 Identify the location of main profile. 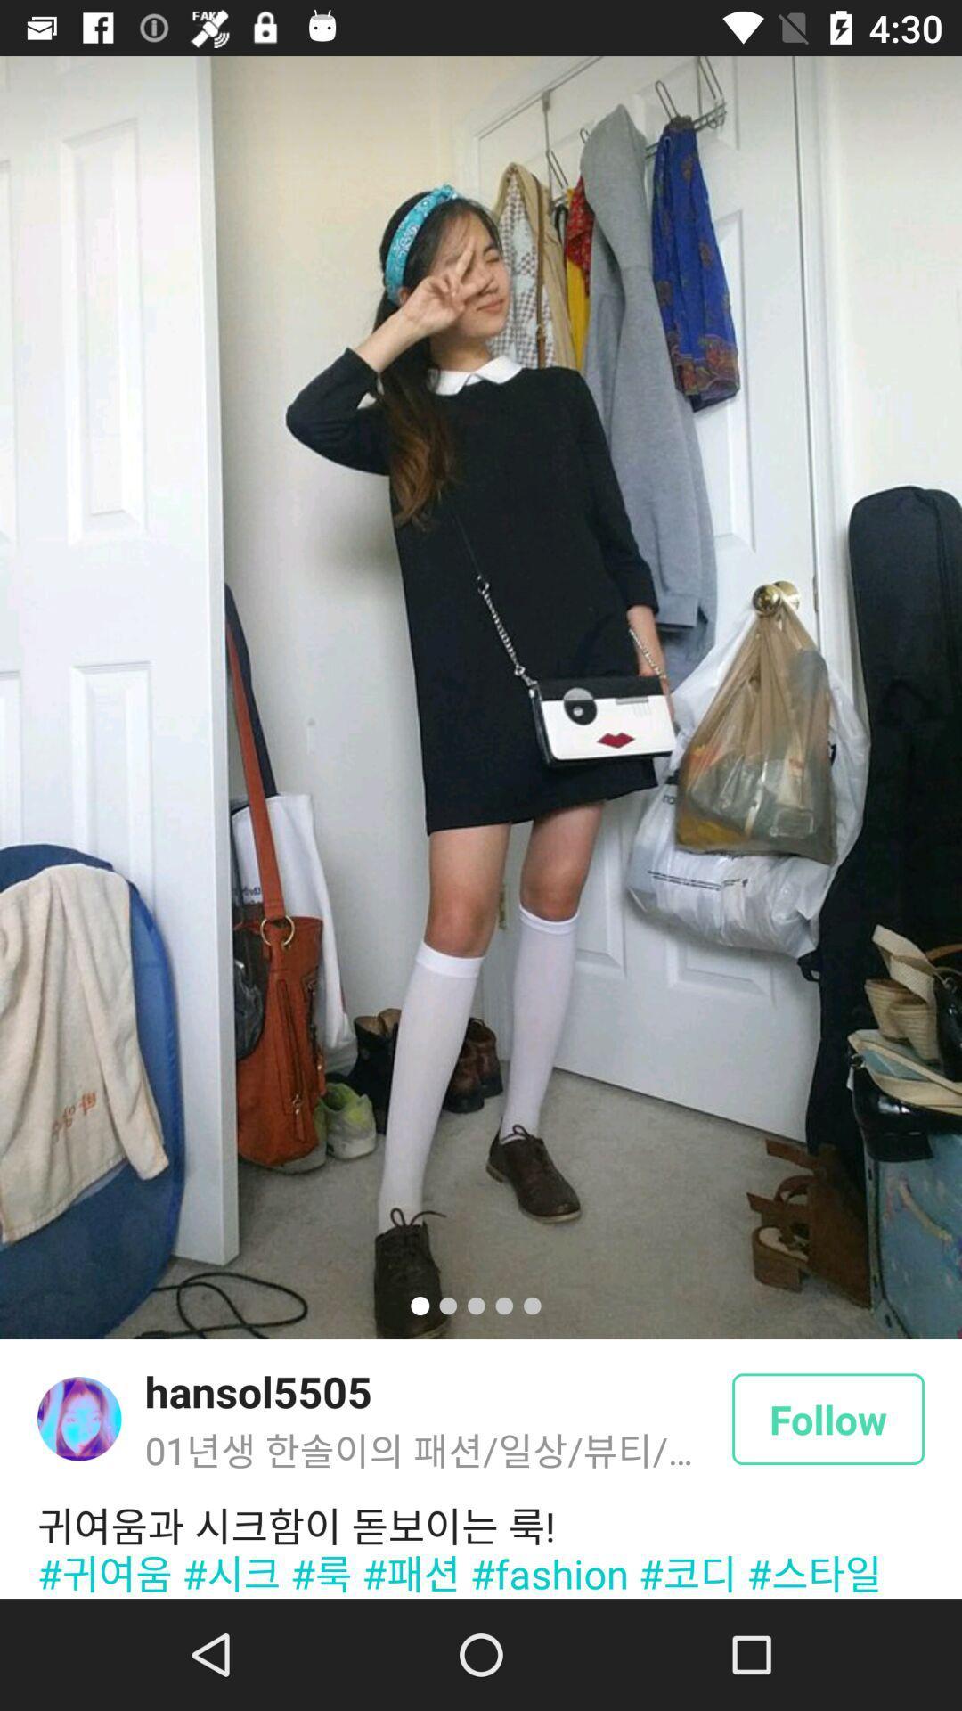
(78, 1418).